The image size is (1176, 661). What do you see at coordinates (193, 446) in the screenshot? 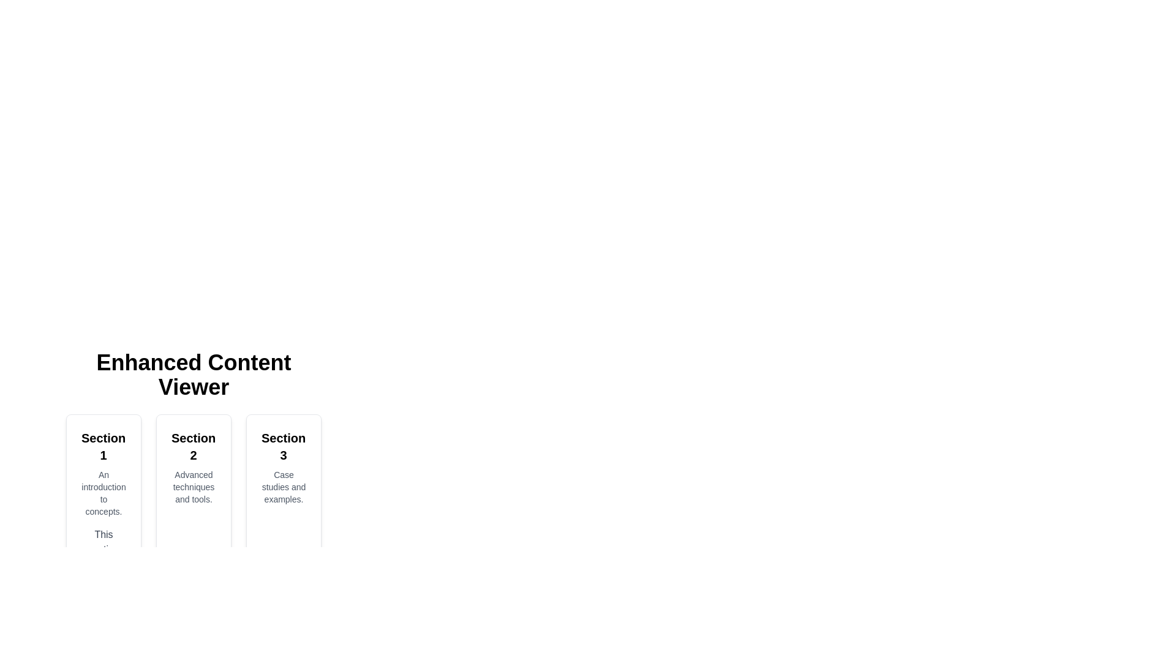
I see `the header text label located at the top of the central card in a three-column layout, which serves to identify the content section it represents` at bounding box center [193, 446].